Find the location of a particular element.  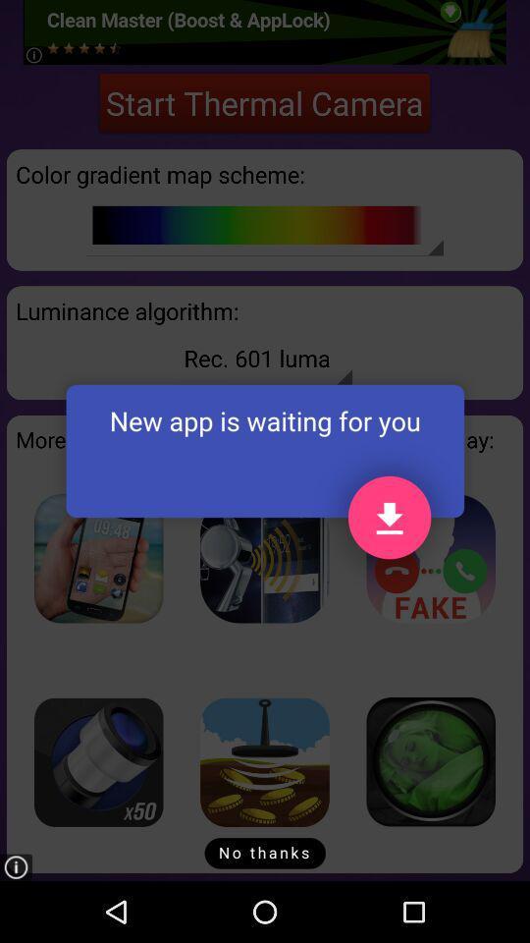

telescope is located at coordinates (97, 761).